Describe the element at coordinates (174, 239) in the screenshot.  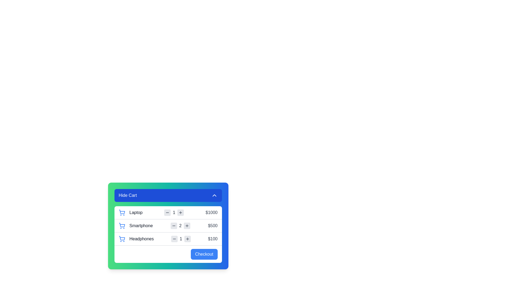
I see `the decrement button in the 'Headphones' row of the shopping cart to change its background color` at that location.